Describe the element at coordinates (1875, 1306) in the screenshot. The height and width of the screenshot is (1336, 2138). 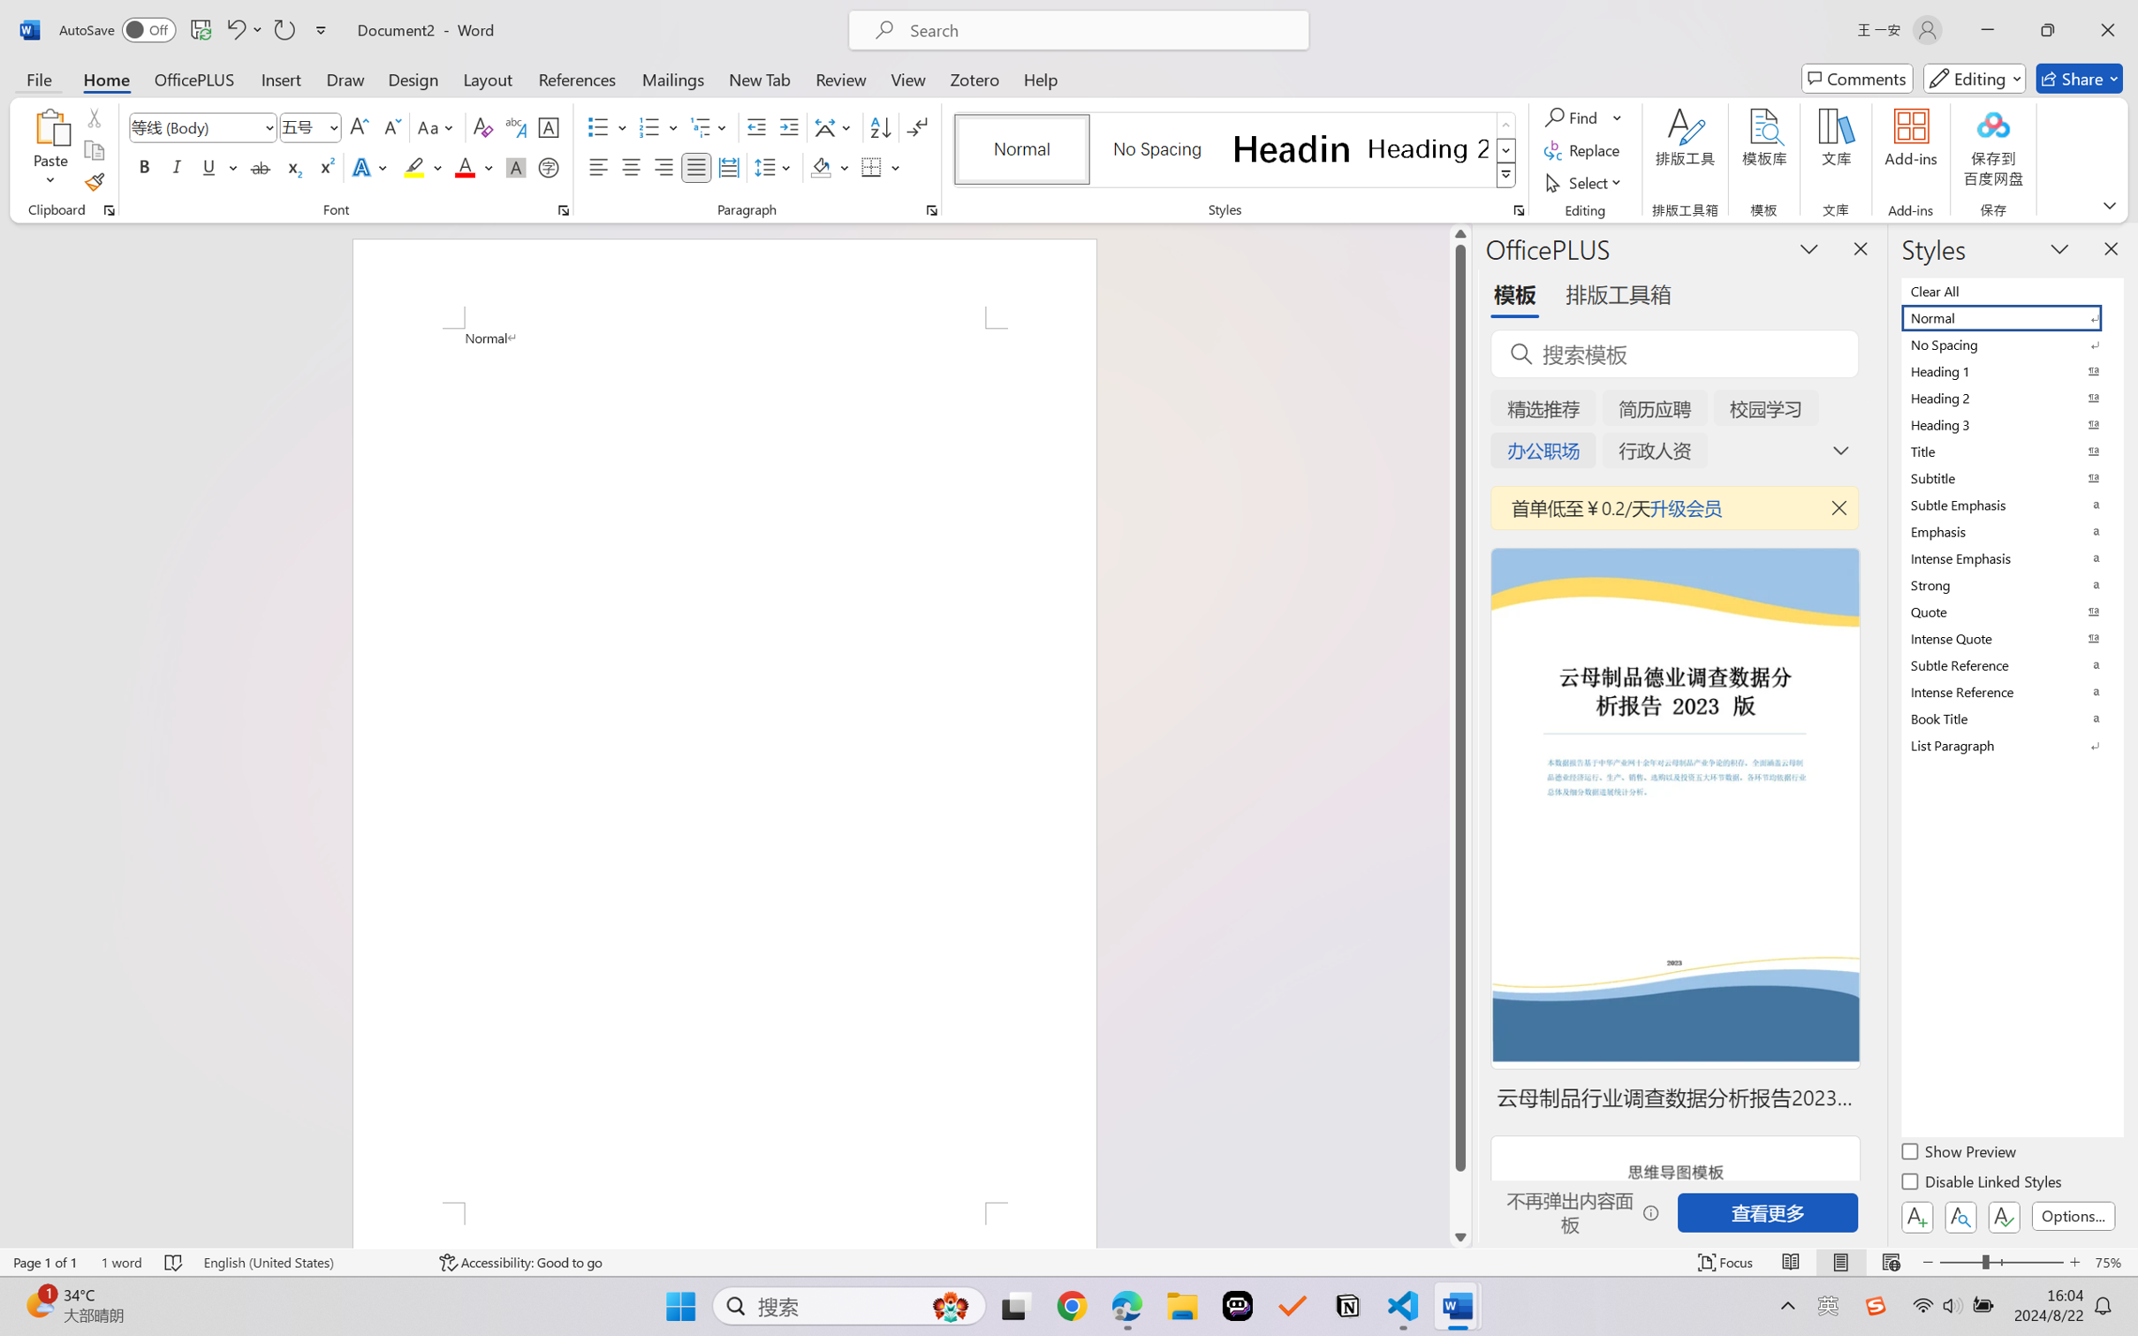
I see `'Class: Image'` at that location.